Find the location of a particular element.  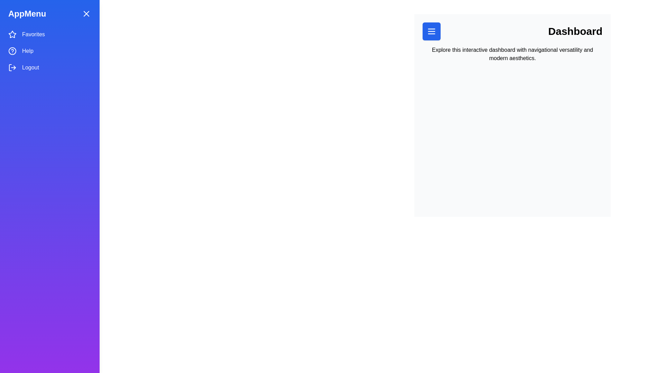

the blue star icon located at the top of the vertical menu, adjacent to the 'Favorites' label is located at coordinates (12, 34).